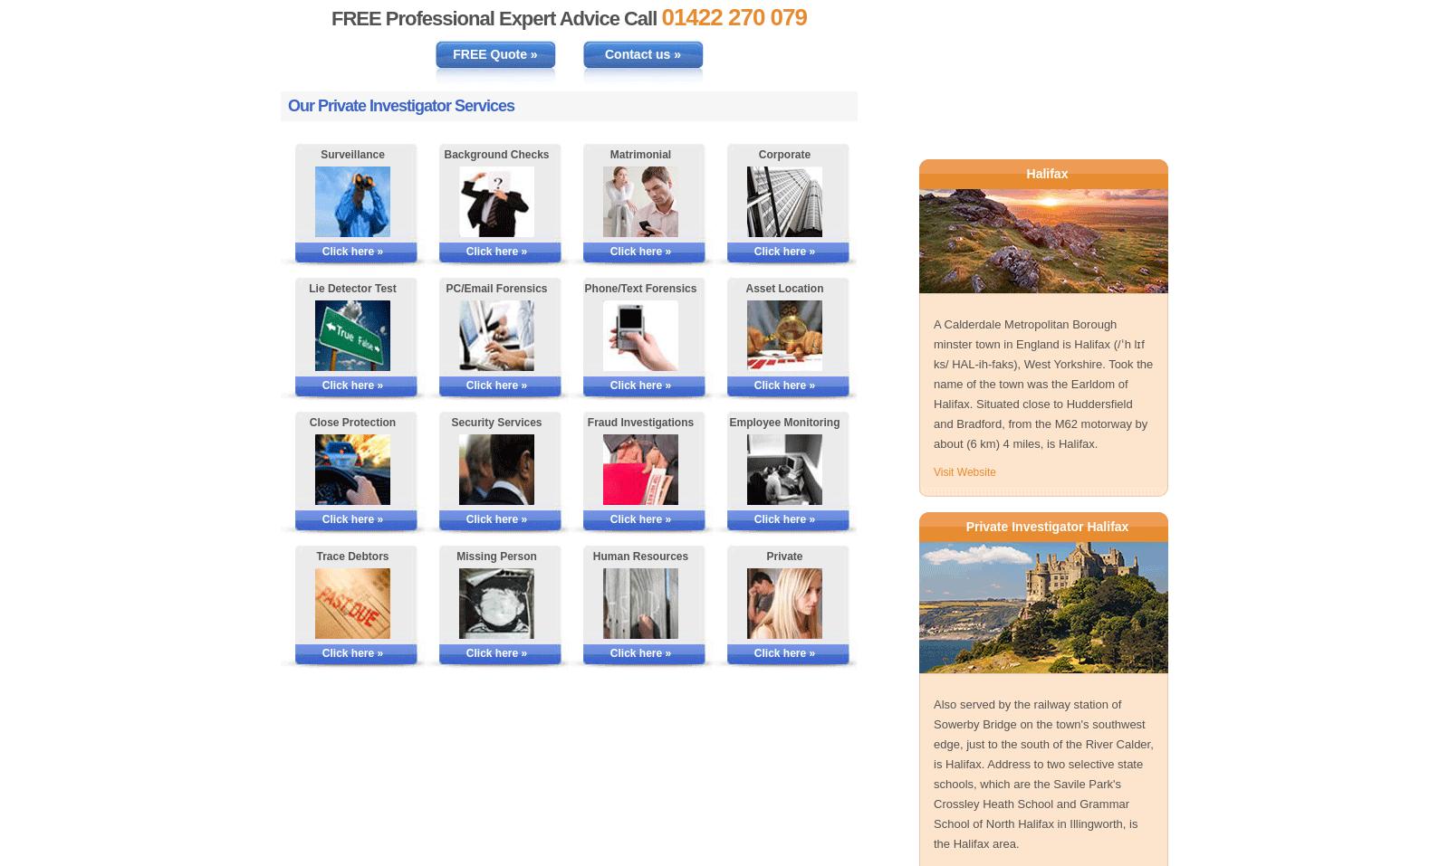 The width and height of the screenshot is (1449, 866). I want to click on 'Asset Location', so click(783, 288).